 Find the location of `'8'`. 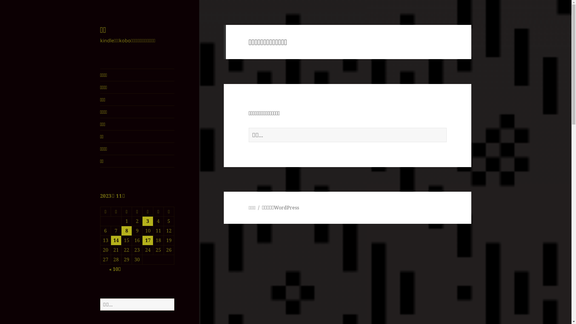

'8' is located at coordinates (126, 230).